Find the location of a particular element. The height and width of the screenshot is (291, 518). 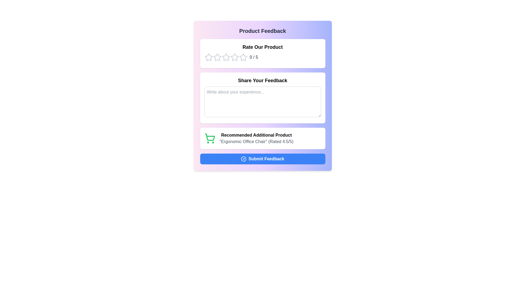

the main basket part of the shopping cart icon, which is the central component of the SVG representation, located between the two wheels is located at coordinates (209, 137).